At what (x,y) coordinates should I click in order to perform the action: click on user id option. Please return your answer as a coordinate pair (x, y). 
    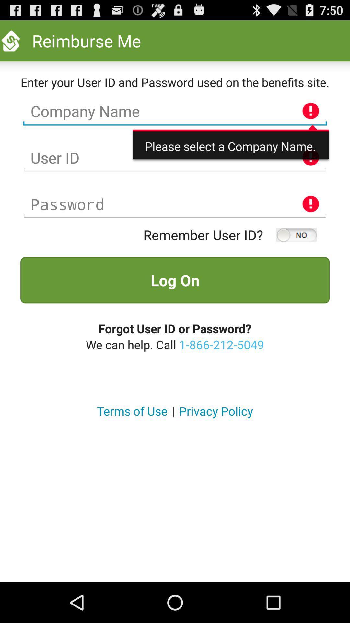
    Looking at the image, I should click on (175, 158).